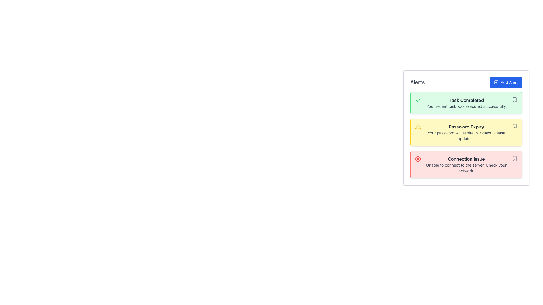  I want to click on the Notification Card displaying 'Task Completed' with a light green background and rounded corners in the Alerts section, so click(466, 103).